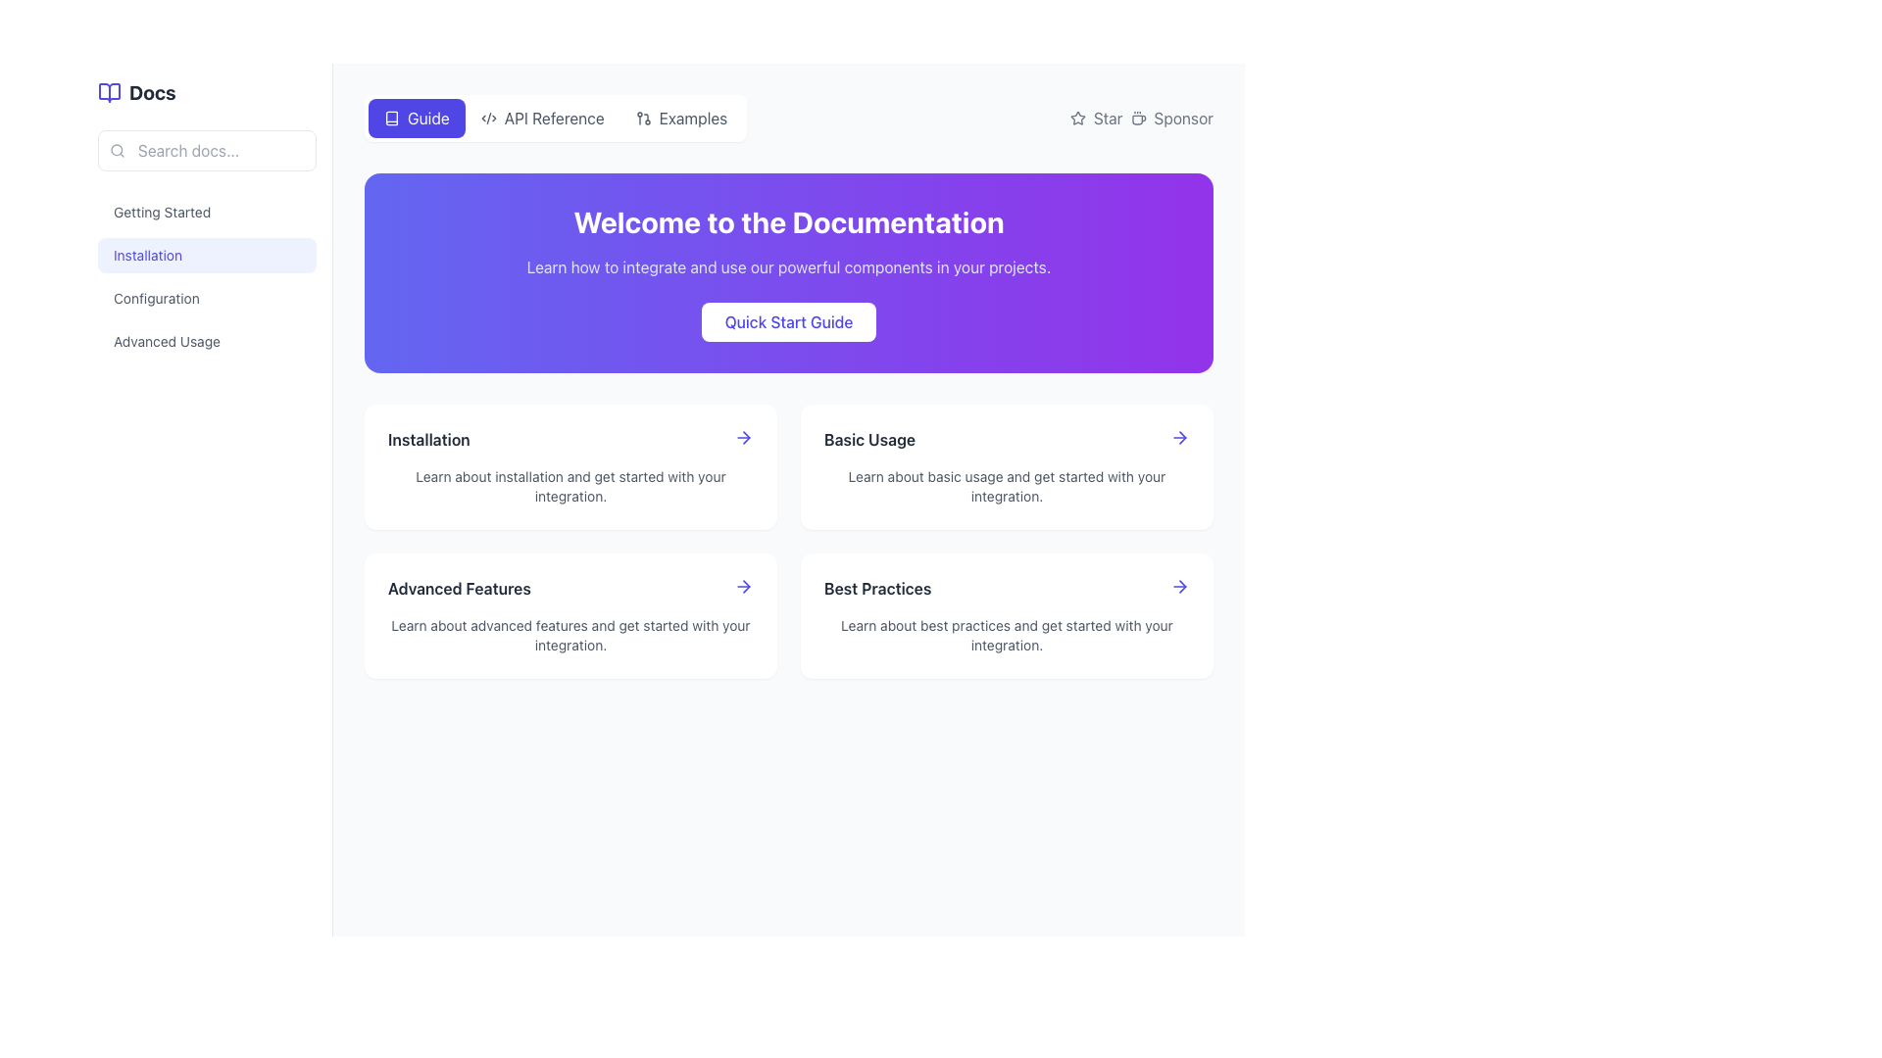  I want to click on the descriptive subtitle text block that welcomes users to the documentation section, positioned below the 'Welcome to the Documentation' header and above the 'Quick Start Guide' button, so click(789, 267).